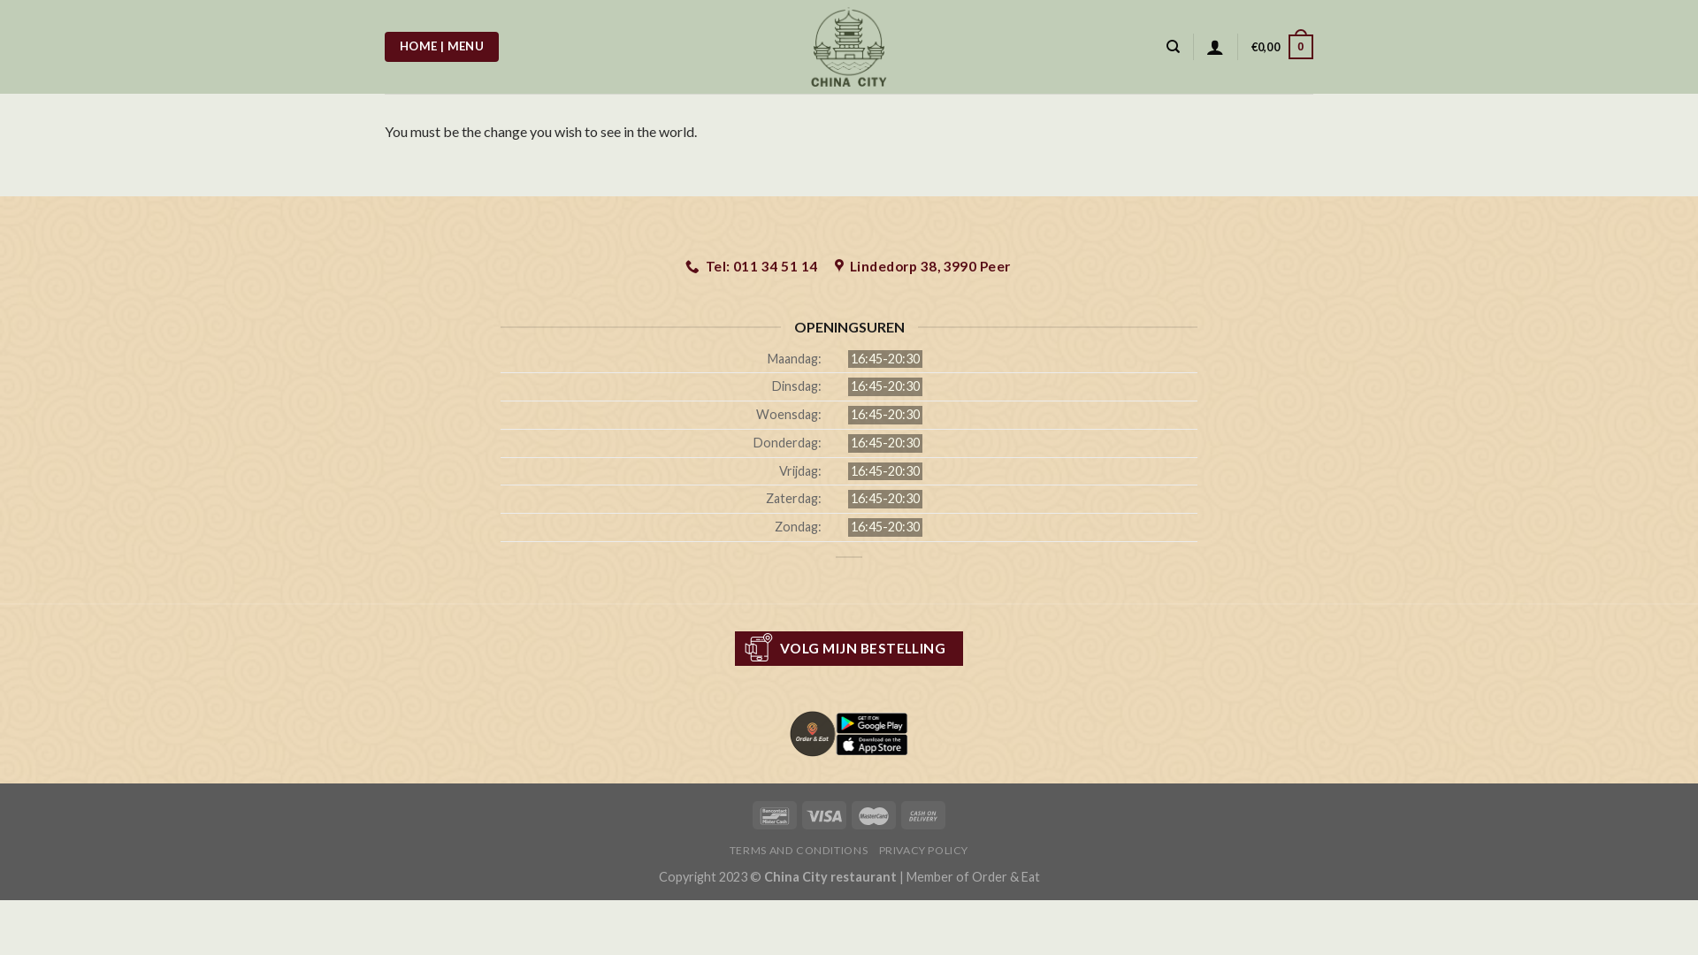 This screenshot has width=1698, height=955. What do you see at coordinates (922, 266) in the screenshot?
I see `'Lindedorp 38, 3990 Peer'` at bounding box center [922, 266].